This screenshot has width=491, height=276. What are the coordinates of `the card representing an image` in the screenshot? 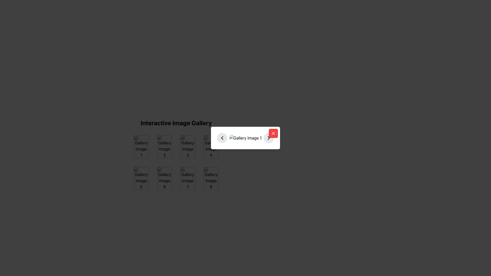 It's located at (187, 178).